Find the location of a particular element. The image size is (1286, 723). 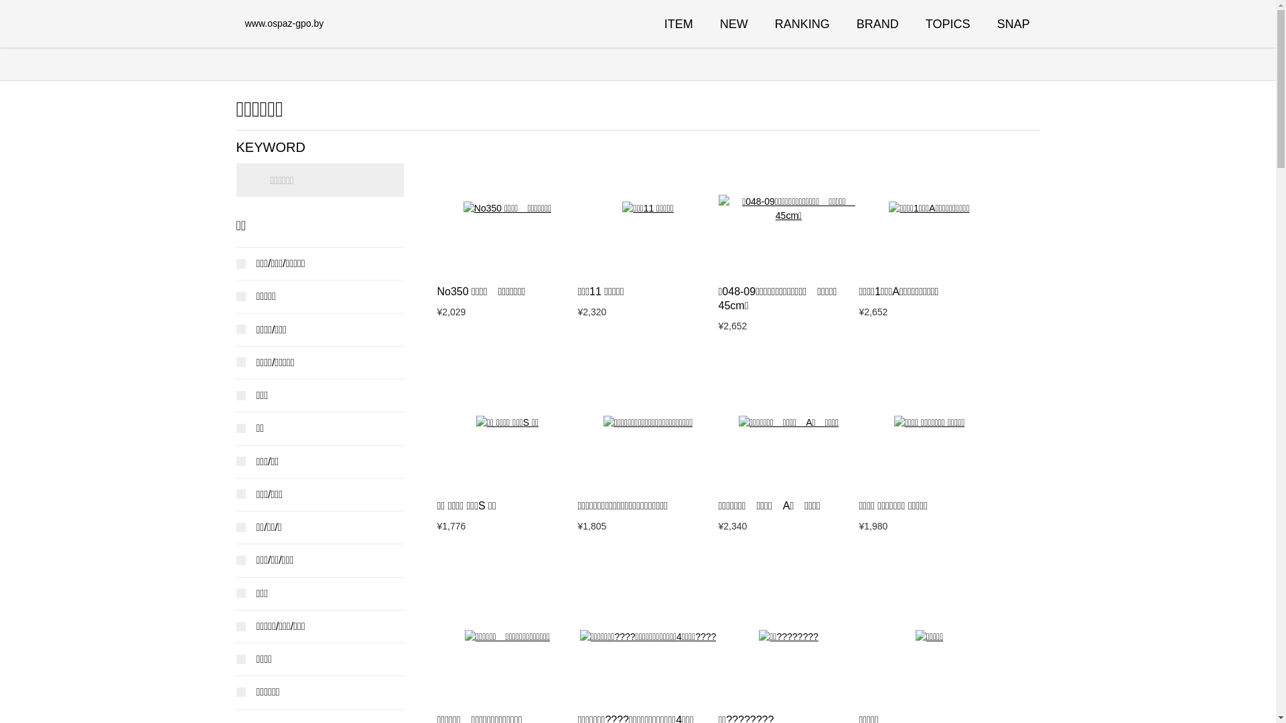

'NEW' is located at coordinates (733, 23).